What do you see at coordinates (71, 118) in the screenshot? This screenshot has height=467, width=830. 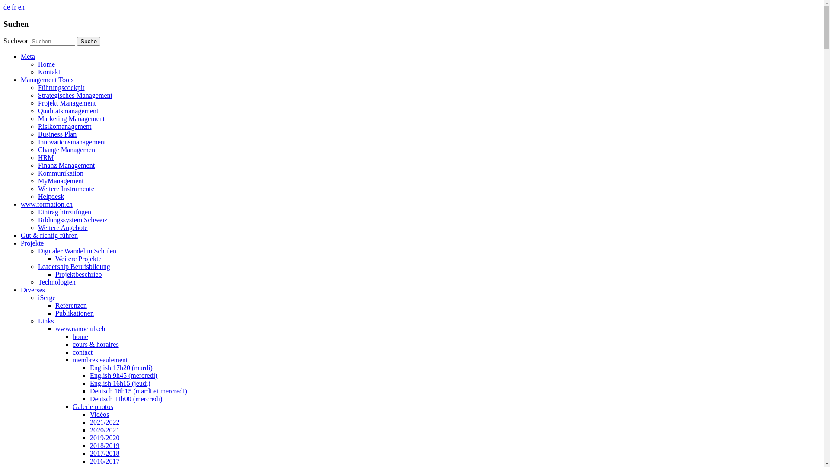 I see `'Marketing Management'` at bounding box center [71, 118].